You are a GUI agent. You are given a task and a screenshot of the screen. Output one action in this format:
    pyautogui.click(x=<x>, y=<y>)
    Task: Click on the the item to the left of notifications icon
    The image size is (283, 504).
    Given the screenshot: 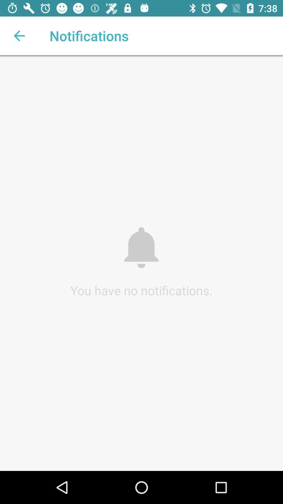 What is the action you would take?
    pyautogui.click(x=19, y=35)
    